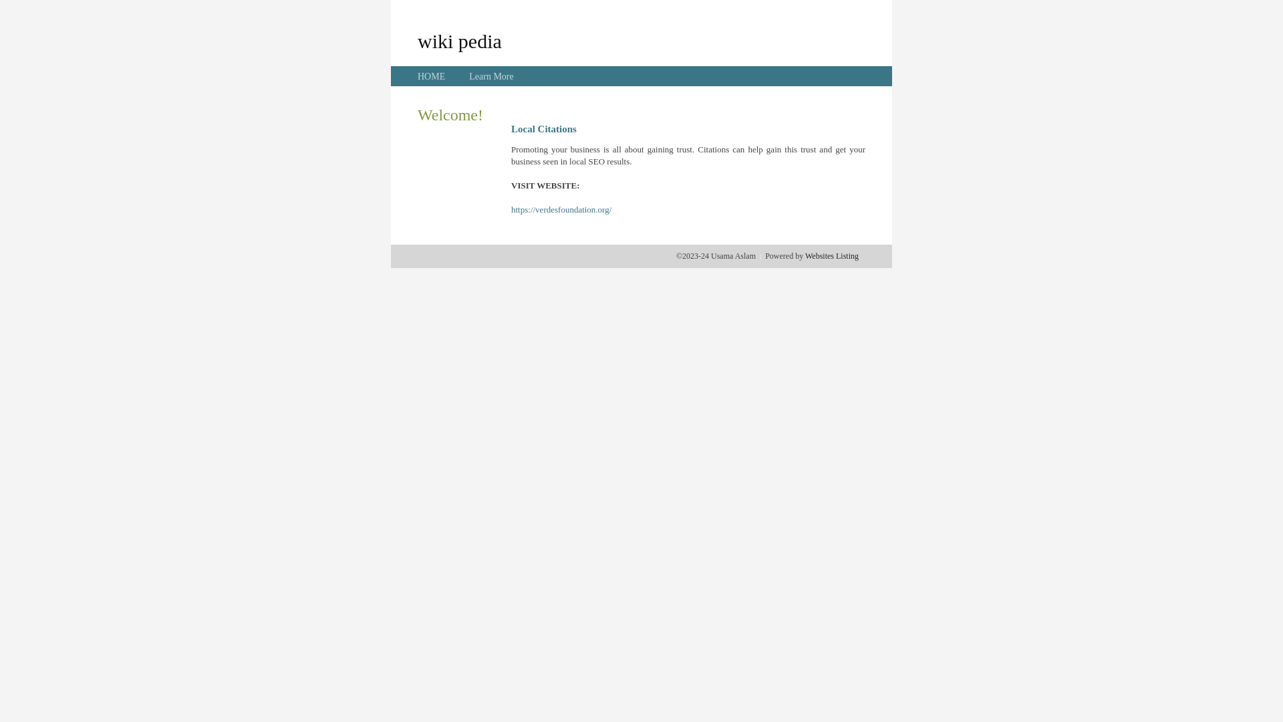 Image resolution: width=1283 pixels, height=722 pixels. I want to click on 'https://verdesfoundation.org/', so click(561, 209).